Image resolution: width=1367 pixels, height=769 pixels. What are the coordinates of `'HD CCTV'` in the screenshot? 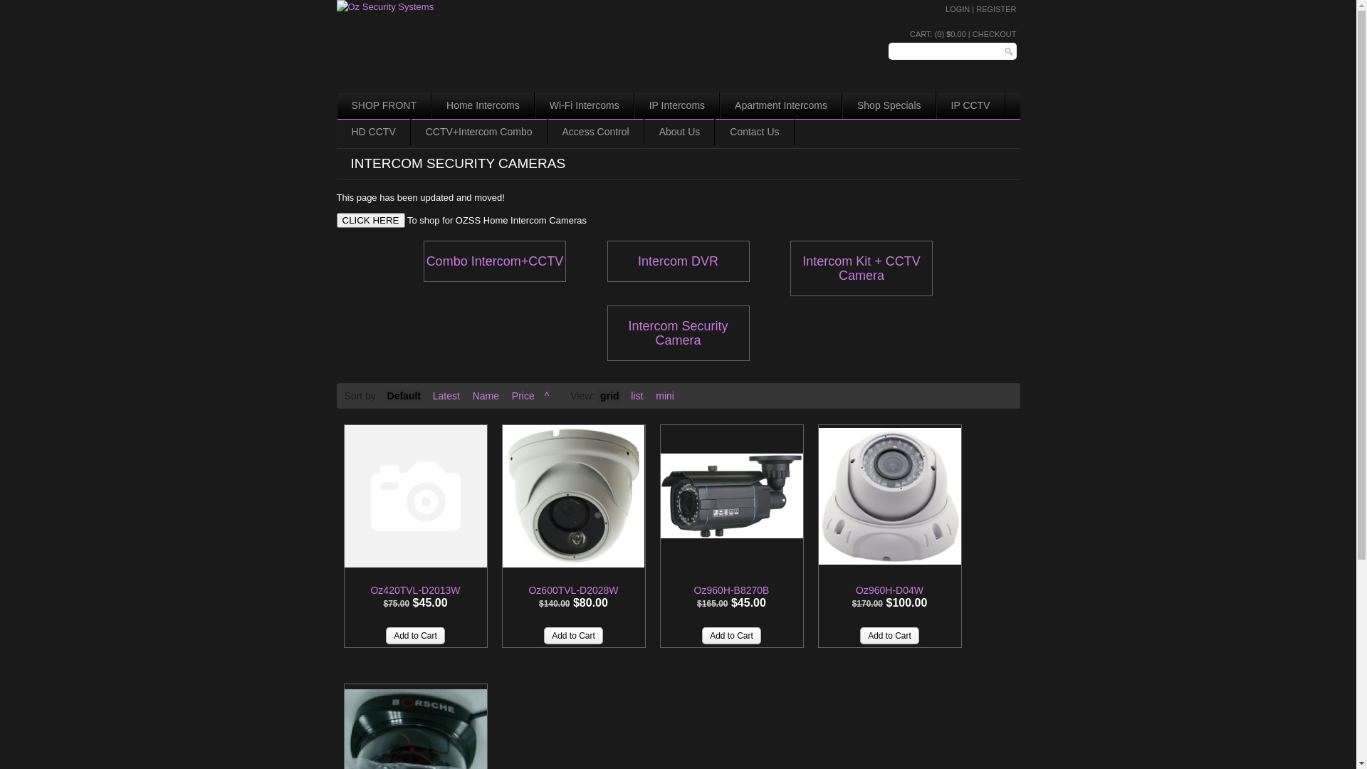 It's located at (372, 132).